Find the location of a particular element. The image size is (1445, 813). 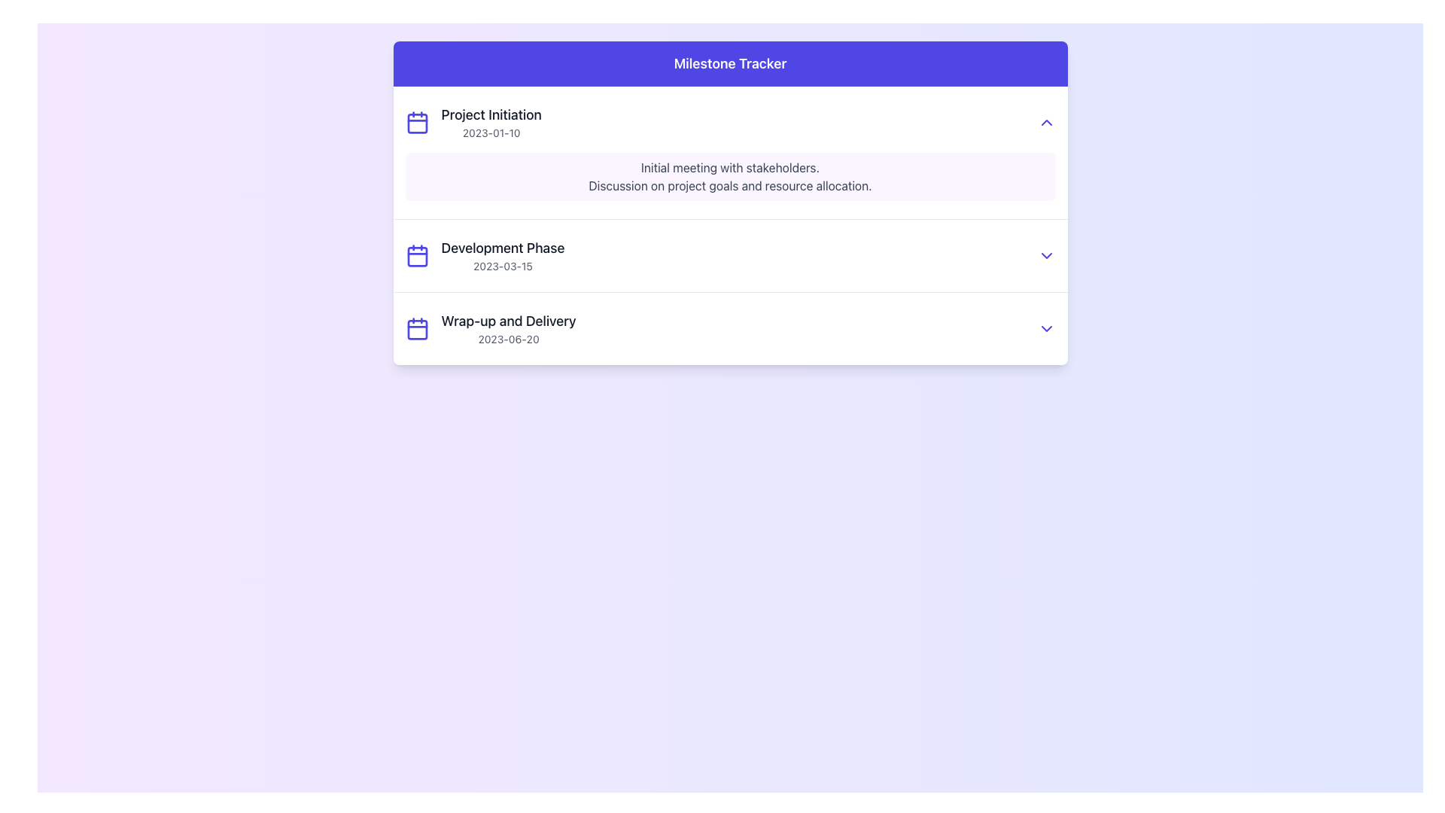

the Text Label that reads 'Discussion on project goals and resource allocation.', which is positioned below 'Initial meeting with stakeholders.' in the 'Project Initiation' block of the milestone tracker is located at coordinates (730, 184).